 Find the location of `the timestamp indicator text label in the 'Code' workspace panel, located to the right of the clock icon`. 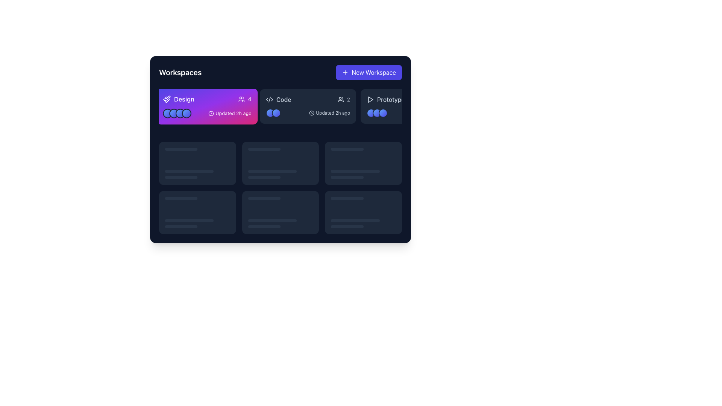

the timestamp indicator text label in the 'Code' workspace panel, located to the right of the clock icon is located at coordinates (332, 113).